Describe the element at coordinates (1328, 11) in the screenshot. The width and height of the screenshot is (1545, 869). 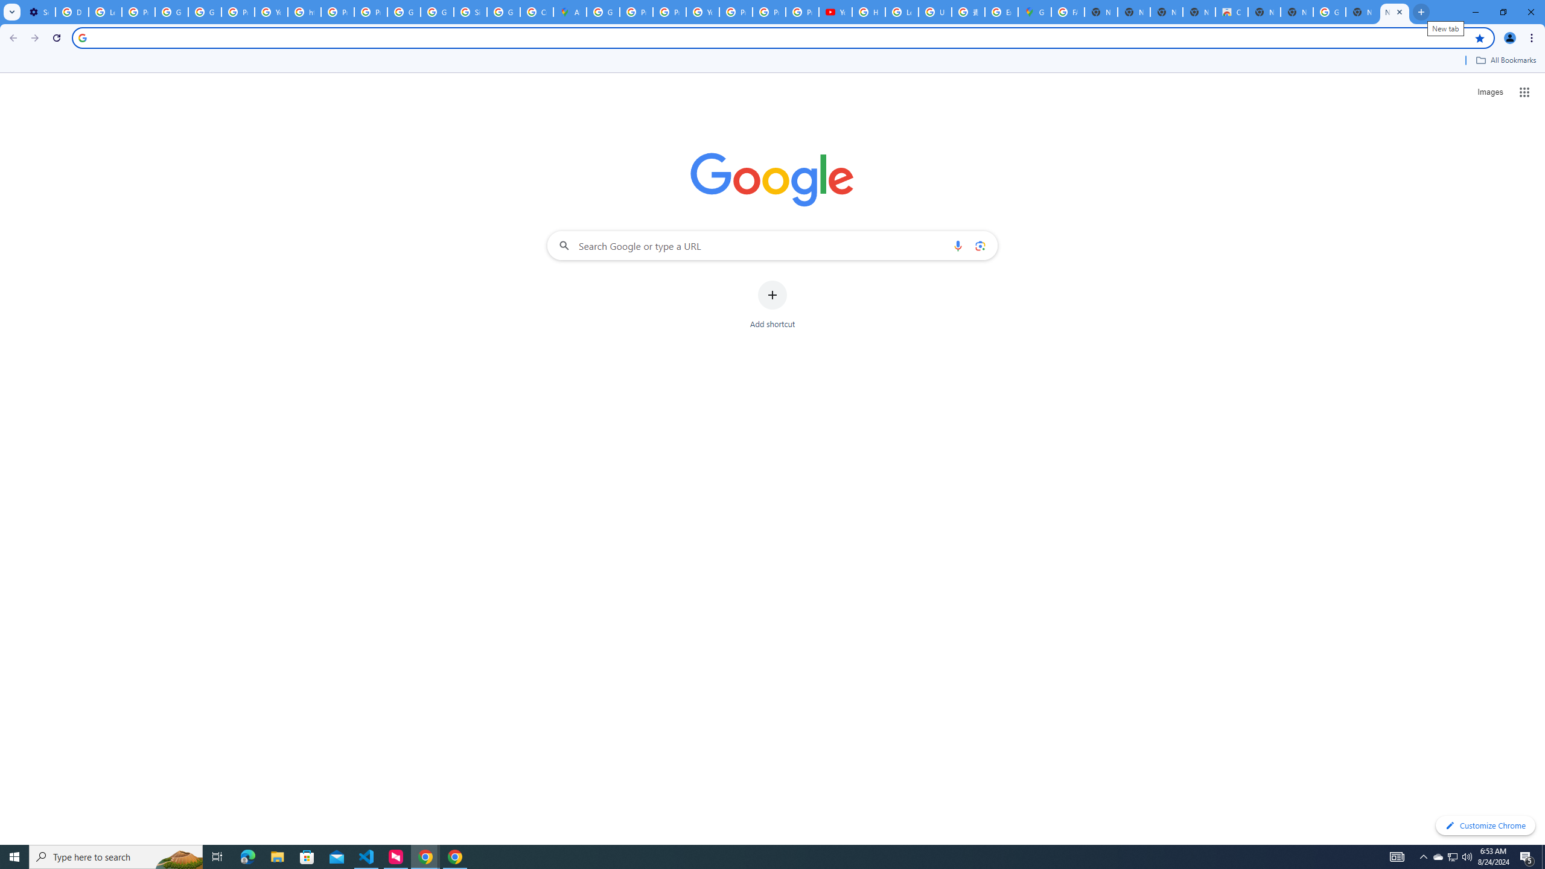
I see `'Google Images'` at that location.